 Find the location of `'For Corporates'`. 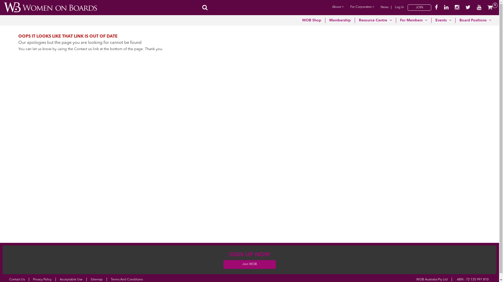

'For Corporates' is located at coordinates (362, 7).